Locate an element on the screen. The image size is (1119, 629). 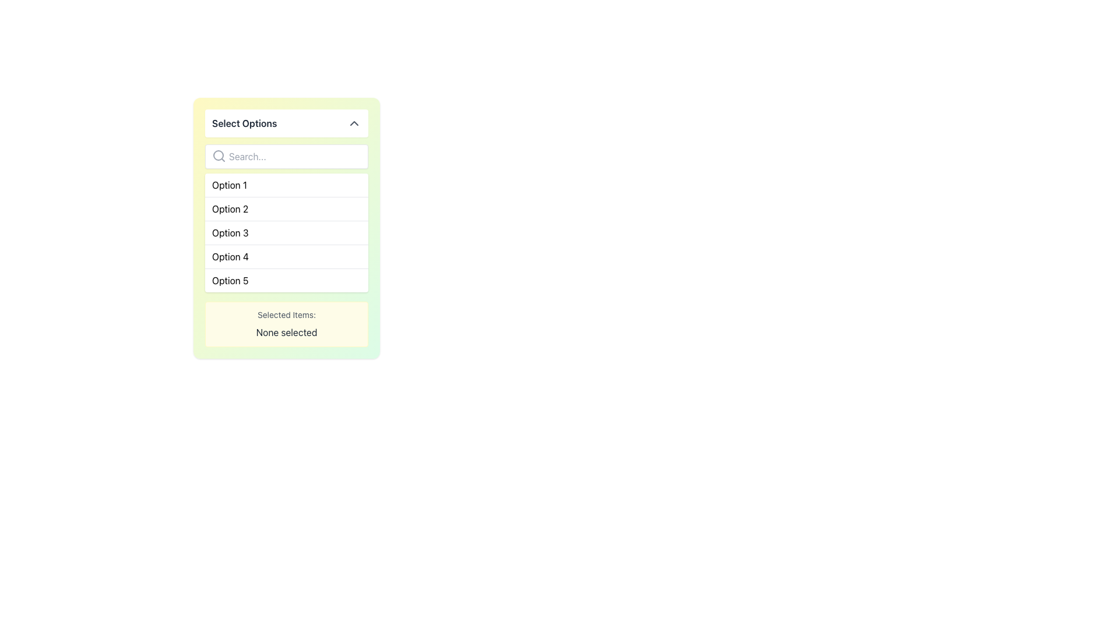
the list item labeled 'Option 4' is located at coordinates (286, 255).